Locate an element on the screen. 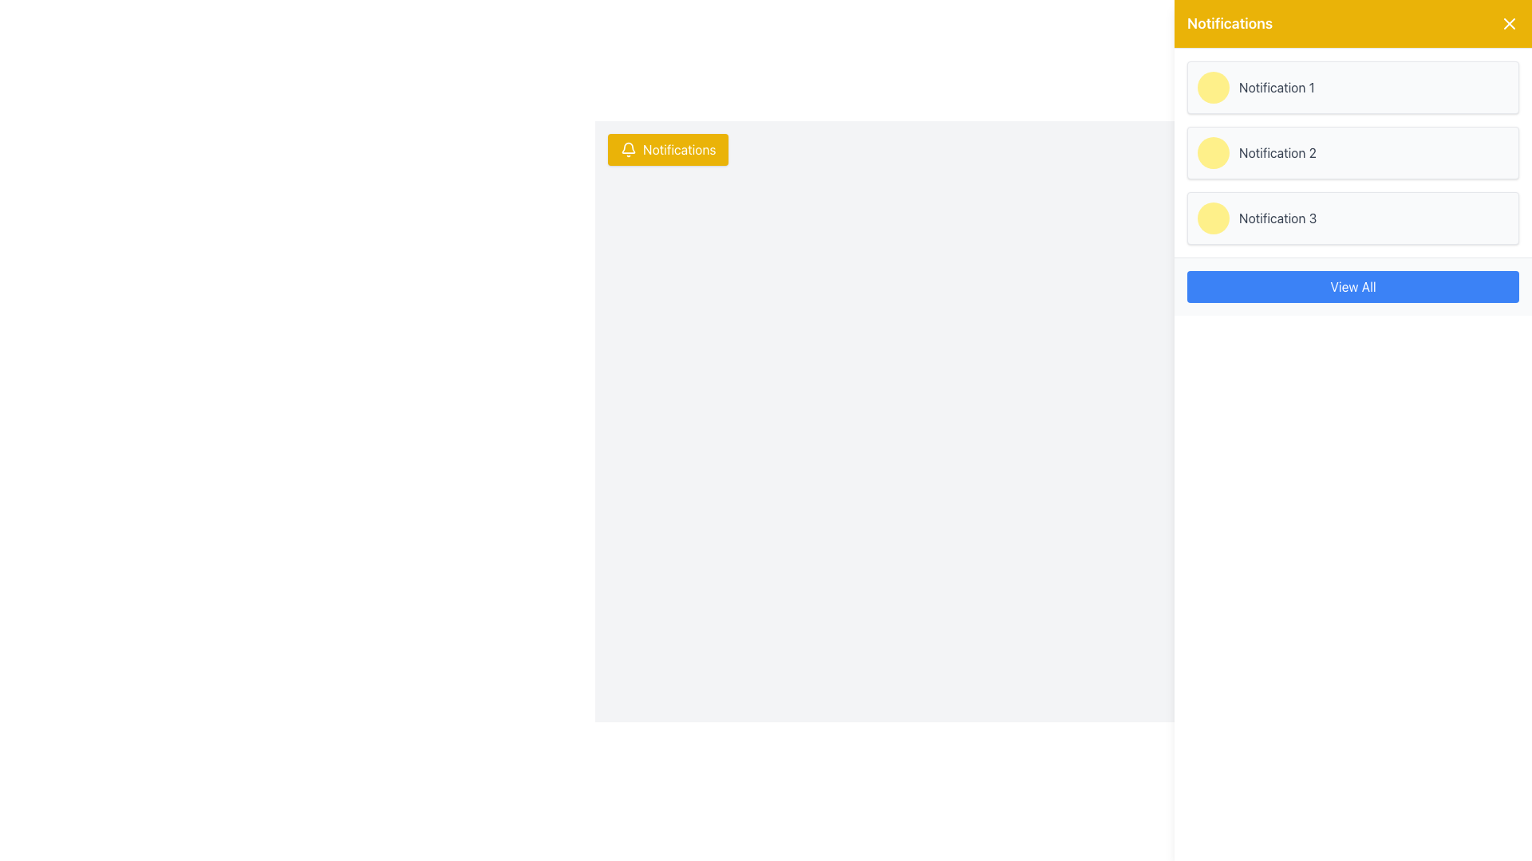 This screenshot has width=1532, height=861. the yellow 'Notifications' button with white text and a bell icon is located at coordinates (668, 150).